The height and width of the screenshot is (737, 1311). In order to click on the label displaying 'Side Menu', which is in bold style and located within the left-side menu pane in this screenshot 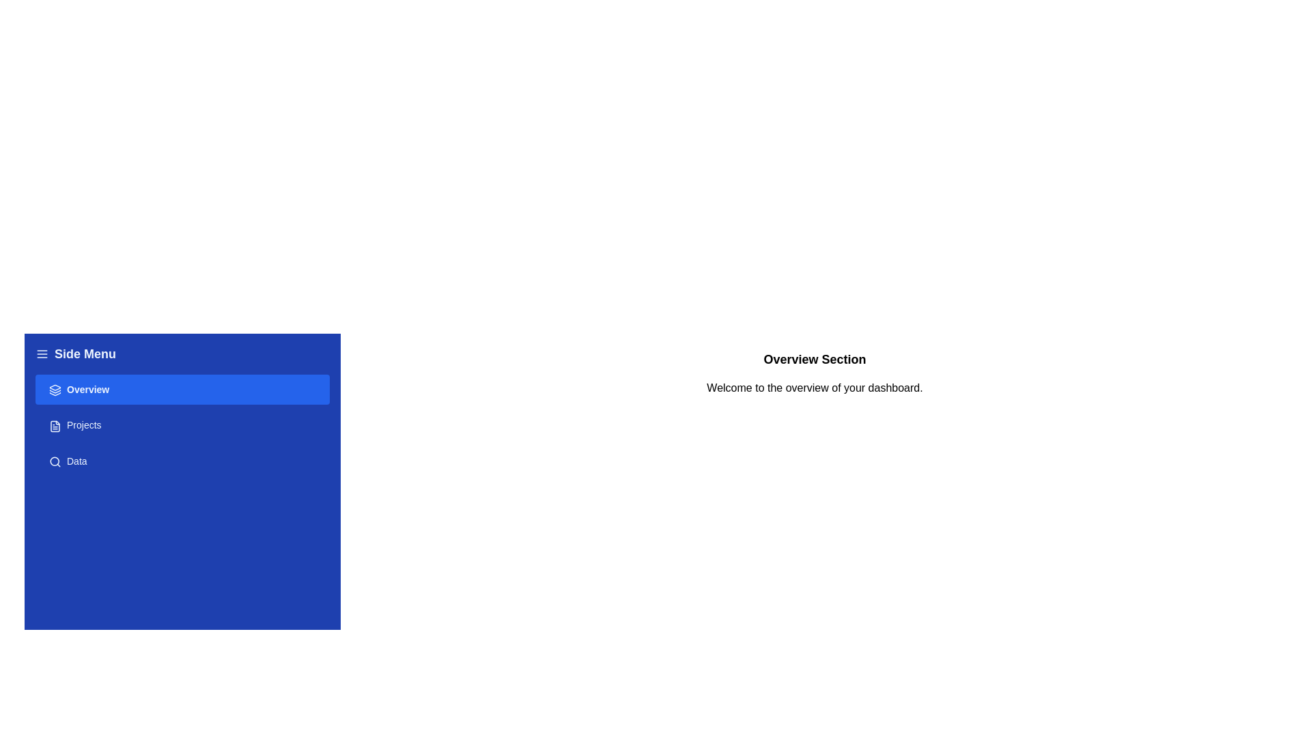, I will do `click(84, 353)`.